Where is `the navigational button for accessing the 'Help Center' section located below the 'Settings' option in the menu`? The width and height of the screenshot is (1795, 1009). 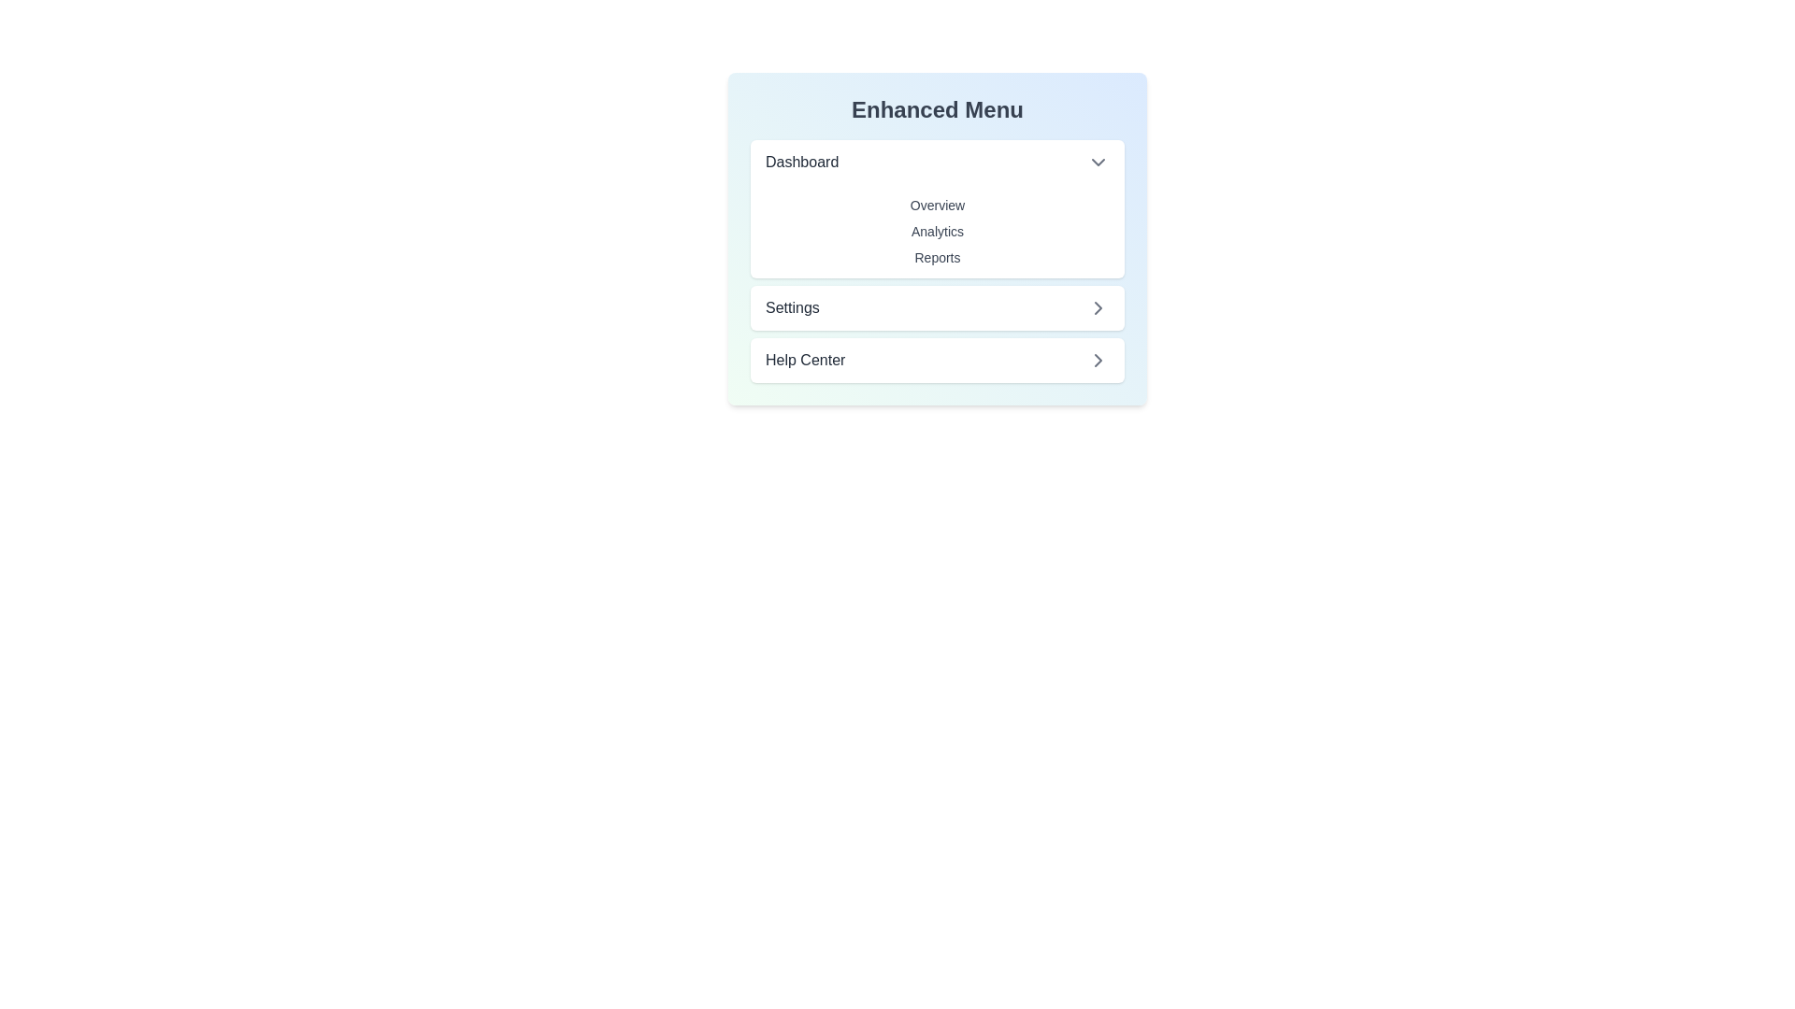
the navigational button for accessing the 'Help Center' section located below the 'Settings' option in the menu is located at coordinates (938, 360).